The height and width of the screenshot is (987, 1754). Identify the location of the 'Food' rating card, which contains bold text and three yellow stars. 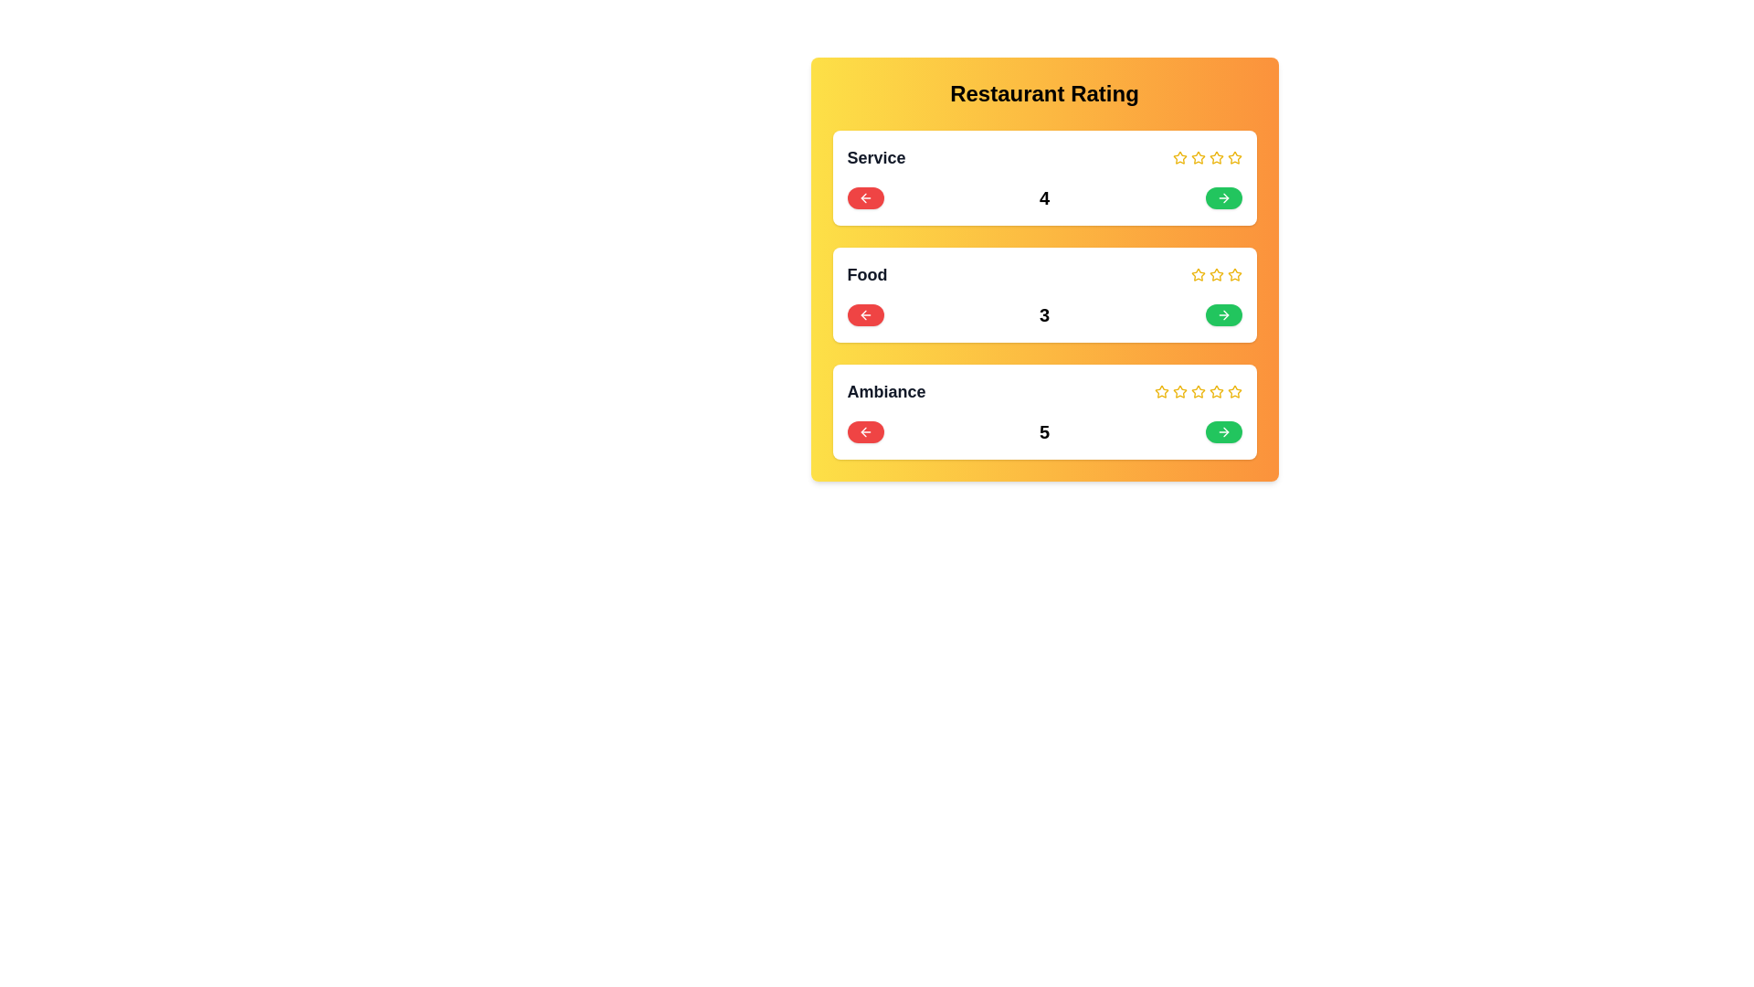
(1044, 274).